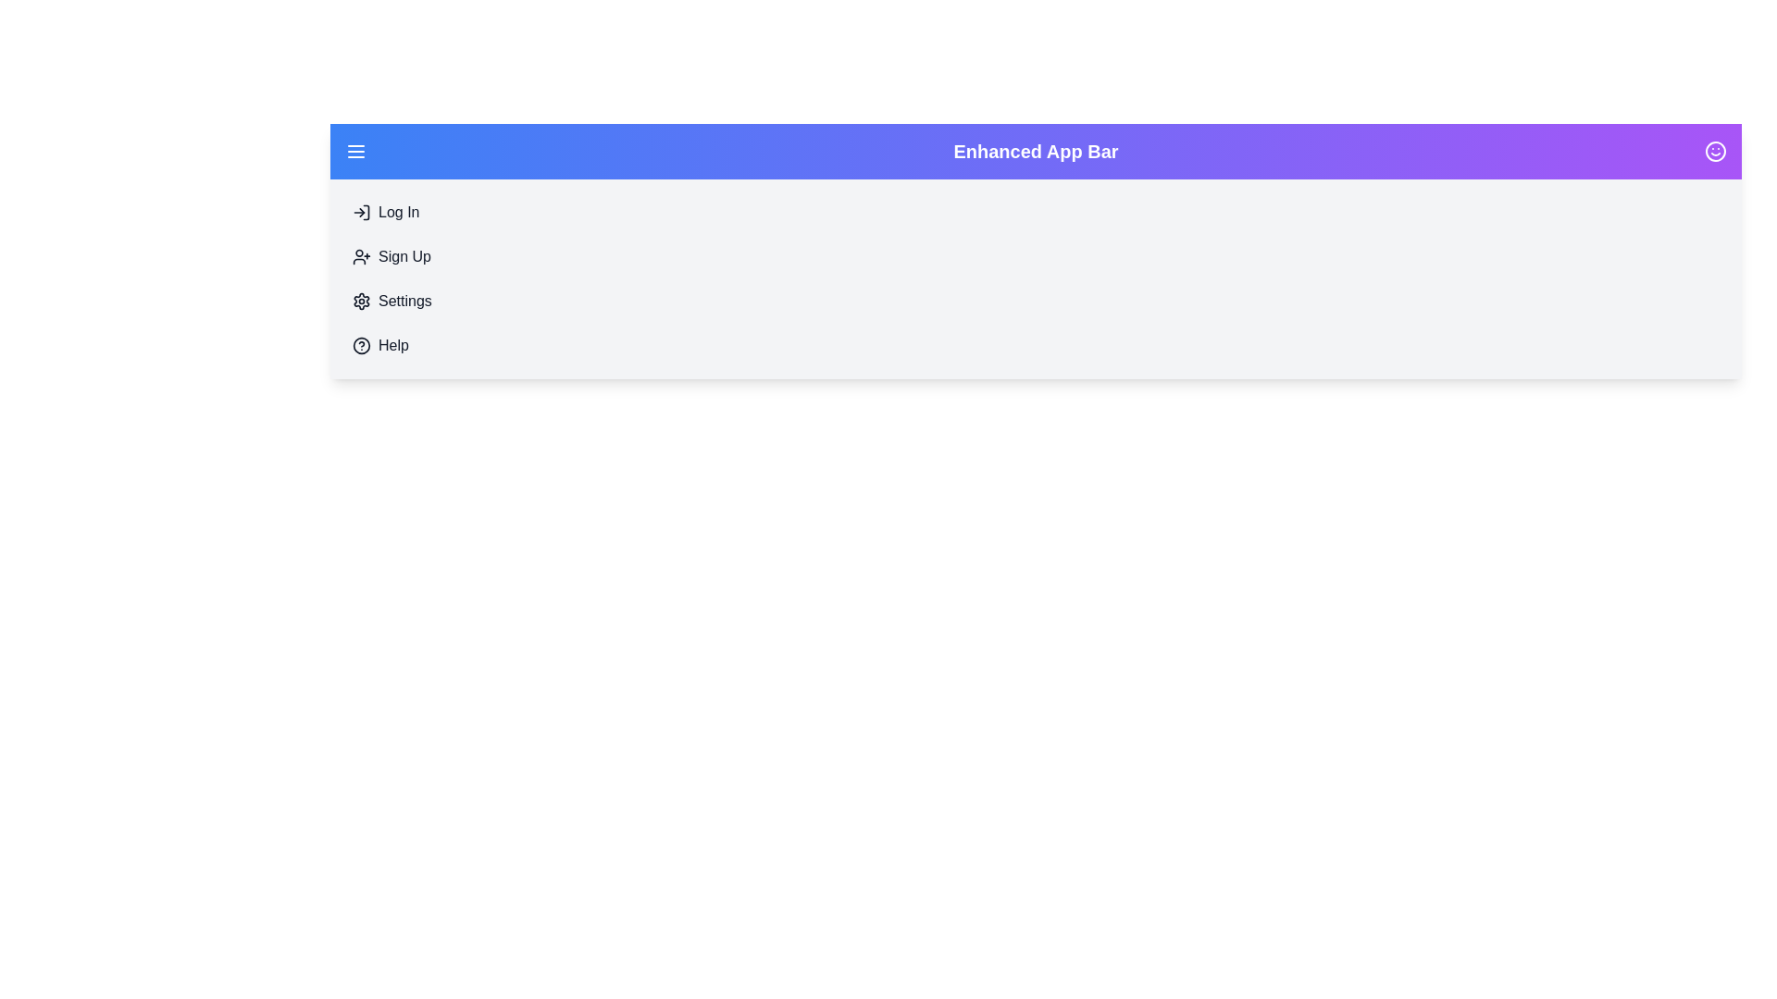  What do you see at coordinates (345, 212) in the screenshot?
I see `the 'Log In' menu item` at bounding box center [345, 212].